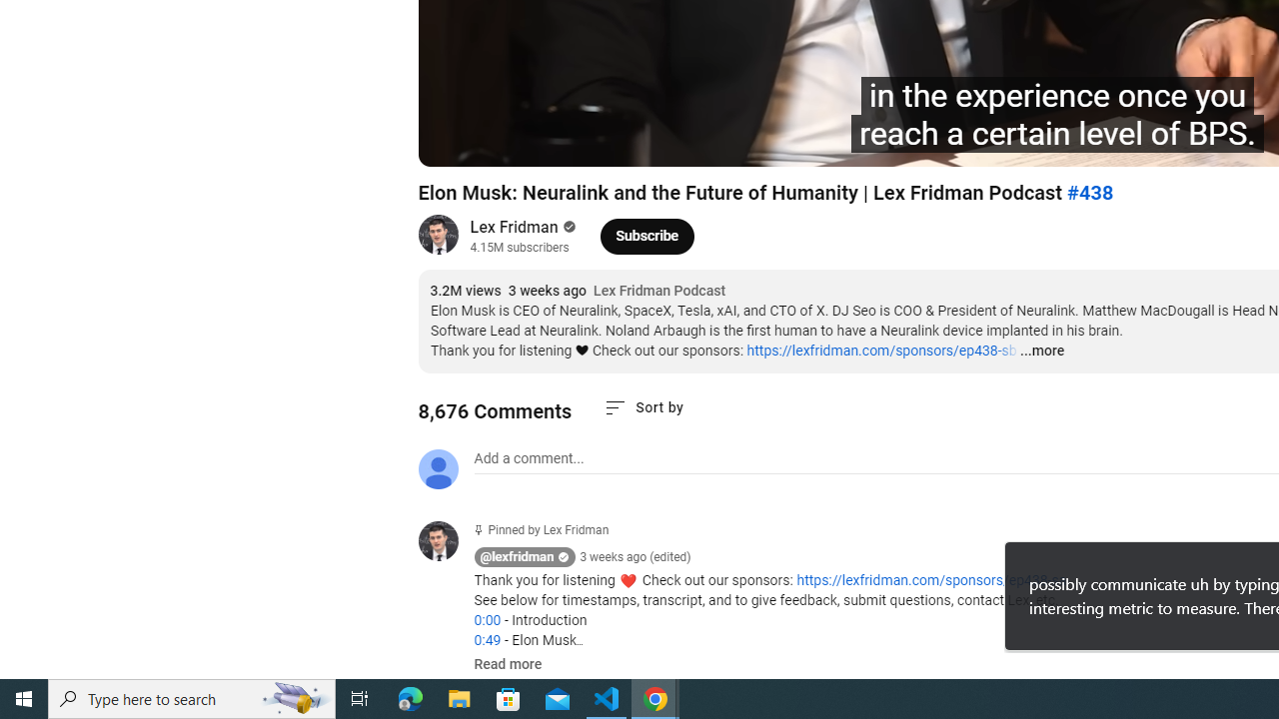  What do you see at coordinates (515, 226) in the screenshot?
I see `'Lex Fridman'` at bounding box center [515, 226].